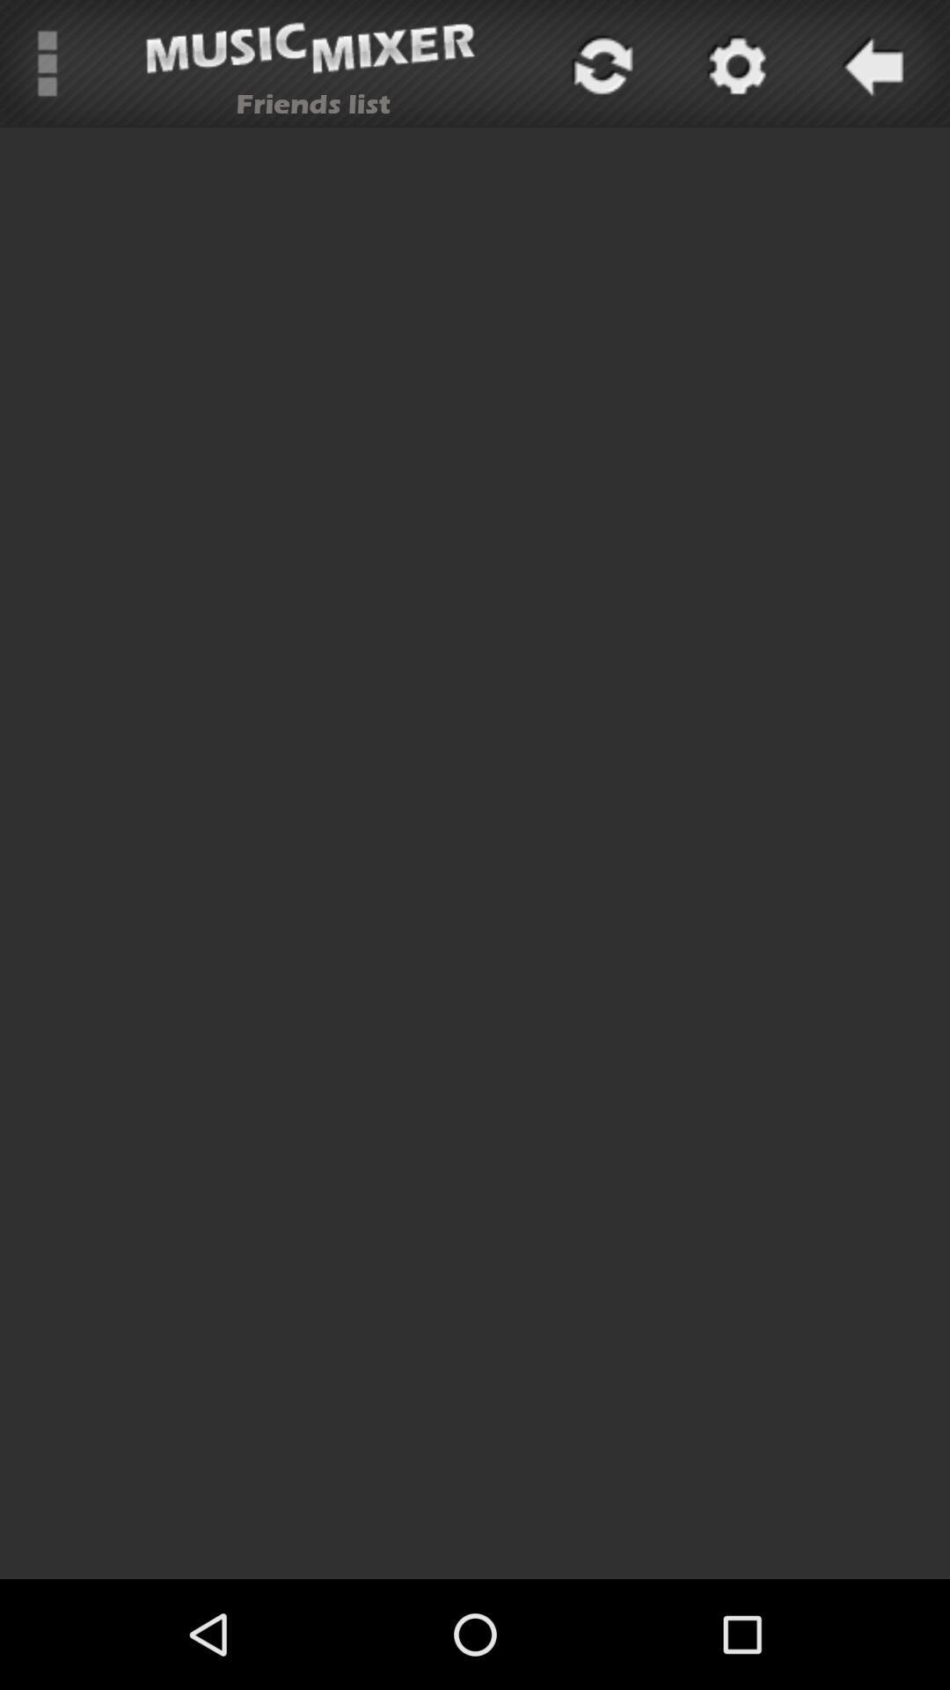 This screenshot has width=950, height=1690. What do you see at coordinates (734, 63) in the screenshot?
I see `open settings` at bounding box center [734, 63].